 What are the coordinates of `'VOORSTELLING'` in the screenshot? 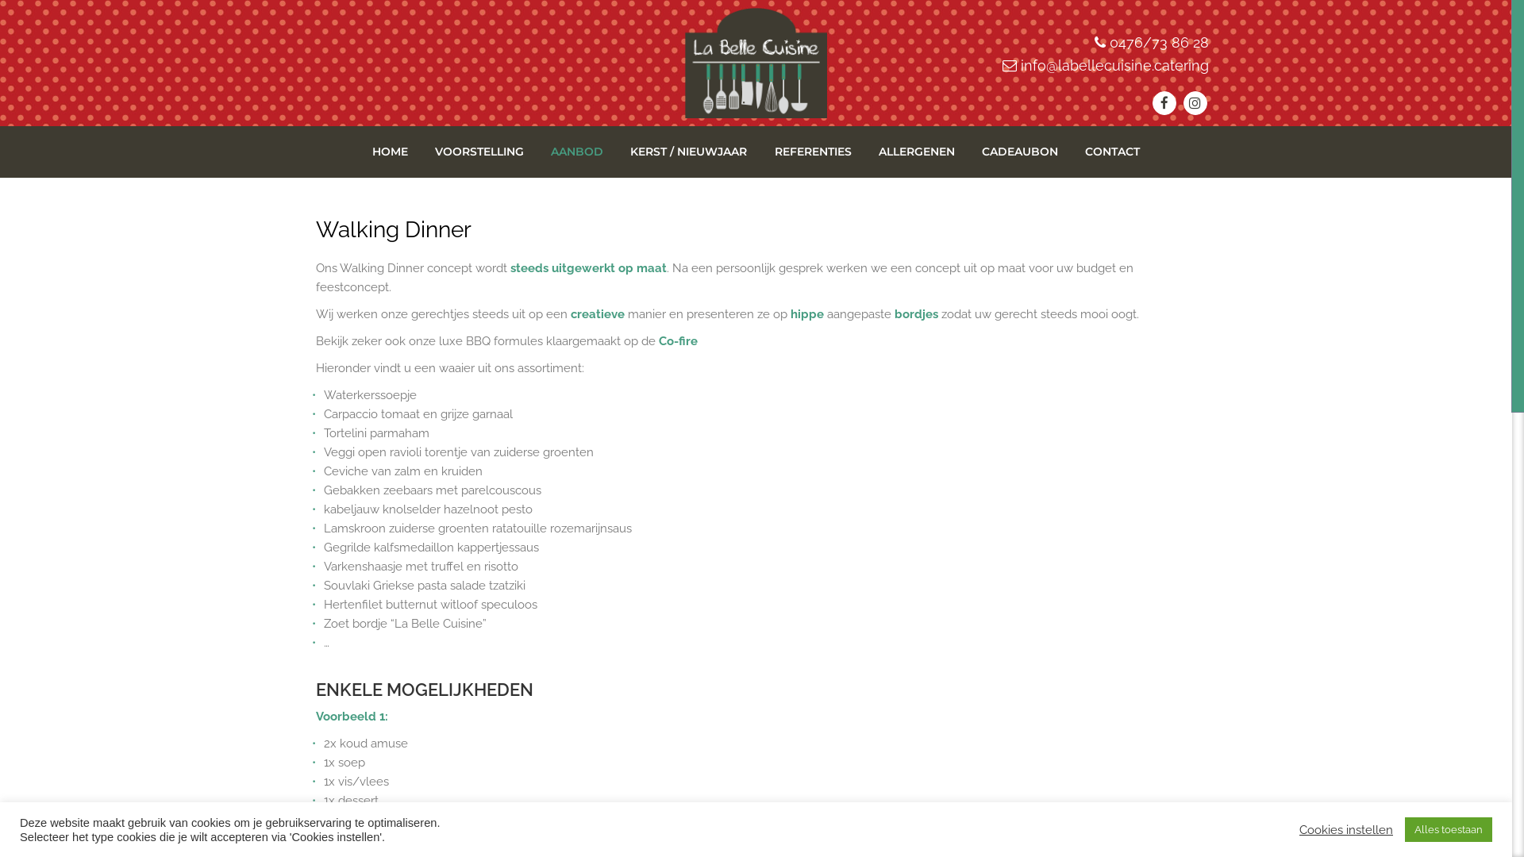 It's located at (479, 152).